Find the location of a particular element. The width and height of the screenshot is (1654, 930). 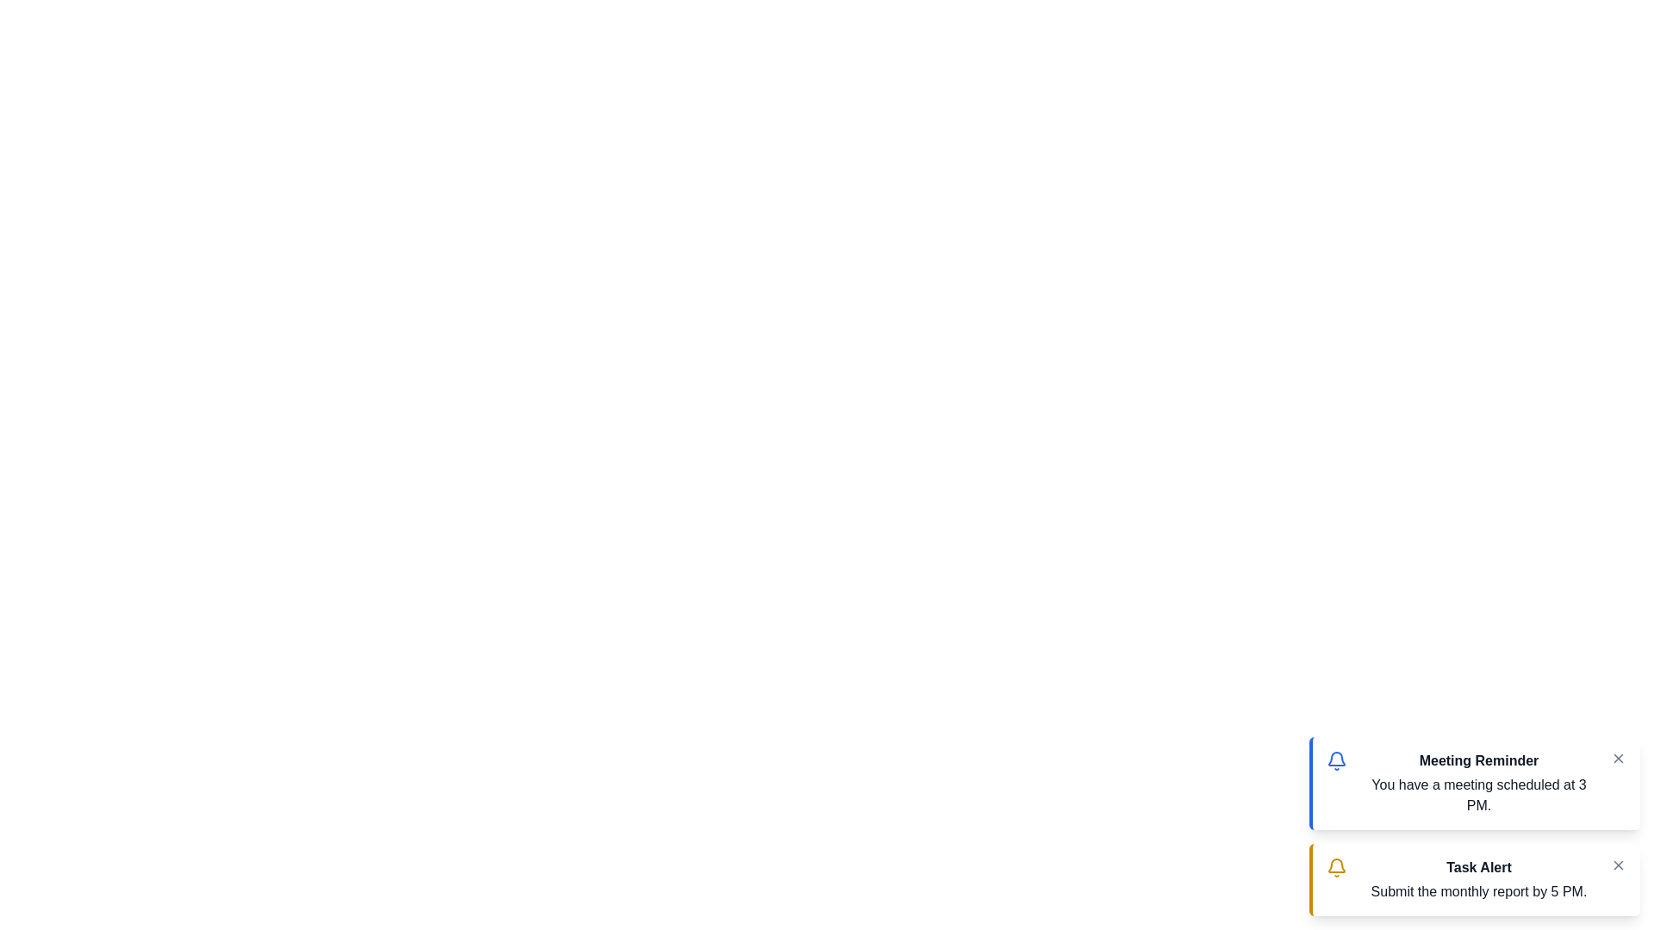

the notification icon for Task Alert is located at coordinates (1335, 867).